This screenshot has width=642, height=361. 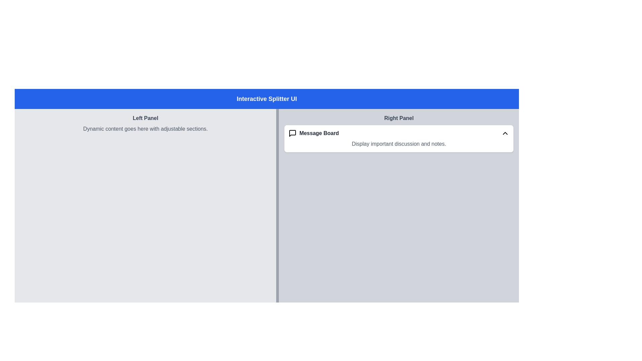 I want to click on the bold text label saying 'Left Panel', which is styled in dark gray and located at the top section of the left-aligned panel area, just below a blue header bar, so click(x=145, y=118).